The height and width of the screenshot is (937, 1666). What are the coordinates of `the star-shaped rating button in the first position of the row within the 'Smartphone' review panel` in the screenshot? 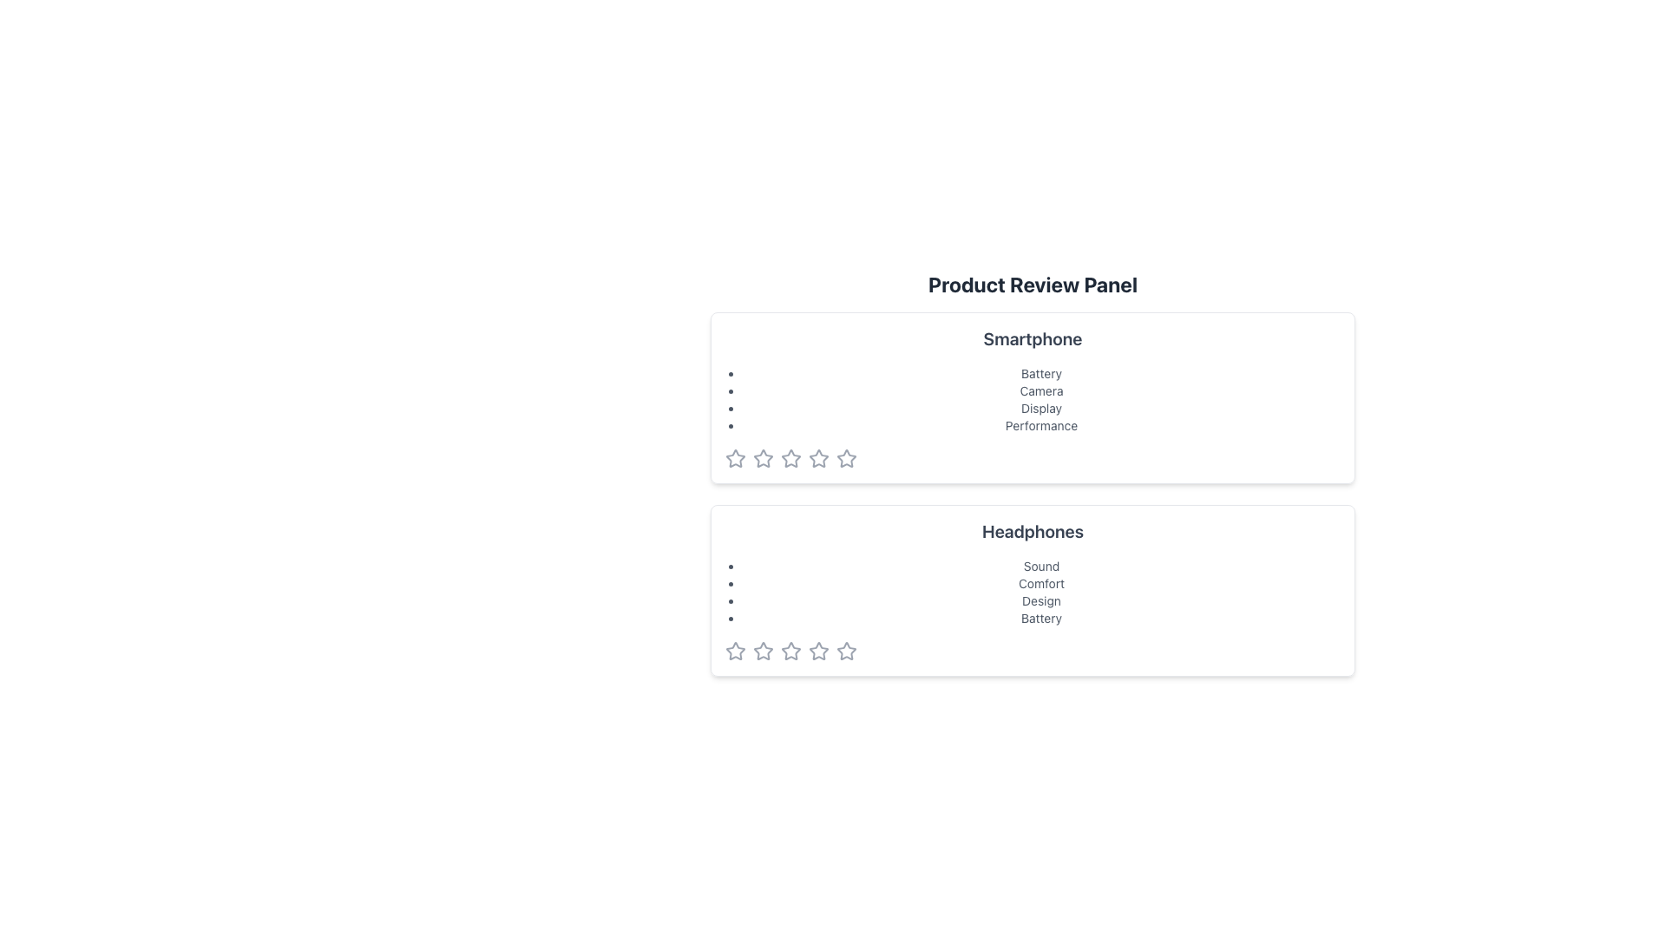 It's located at (763, 457).